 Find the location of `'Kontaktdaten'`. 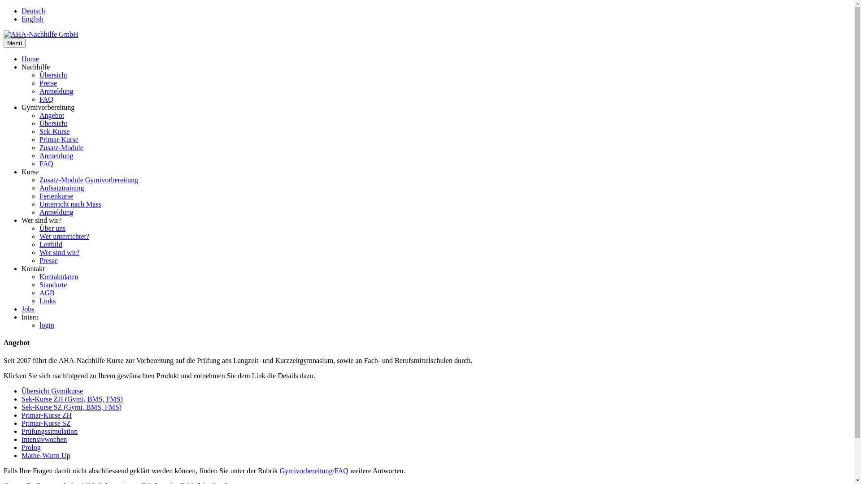

'Kontaktdaten' is located at coordinates (58, 276).